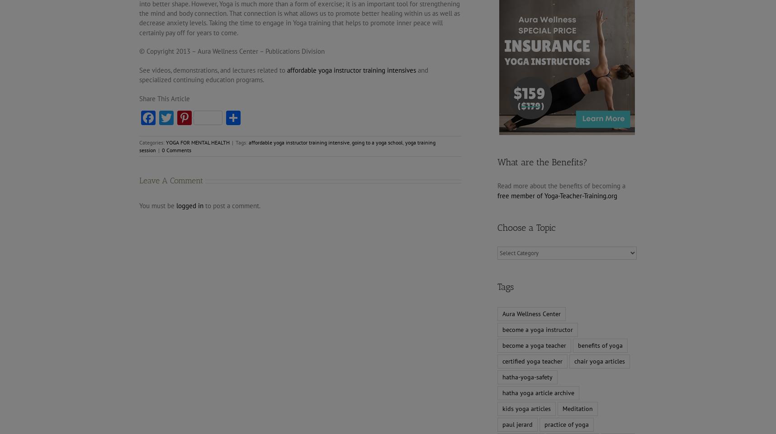 This screenshot has height=434, width=776. What do you see at coordinates (298, 142) in the screenshot?
I see `'affordable yoga instructor training intensive'` at bounding box center [298, 142].